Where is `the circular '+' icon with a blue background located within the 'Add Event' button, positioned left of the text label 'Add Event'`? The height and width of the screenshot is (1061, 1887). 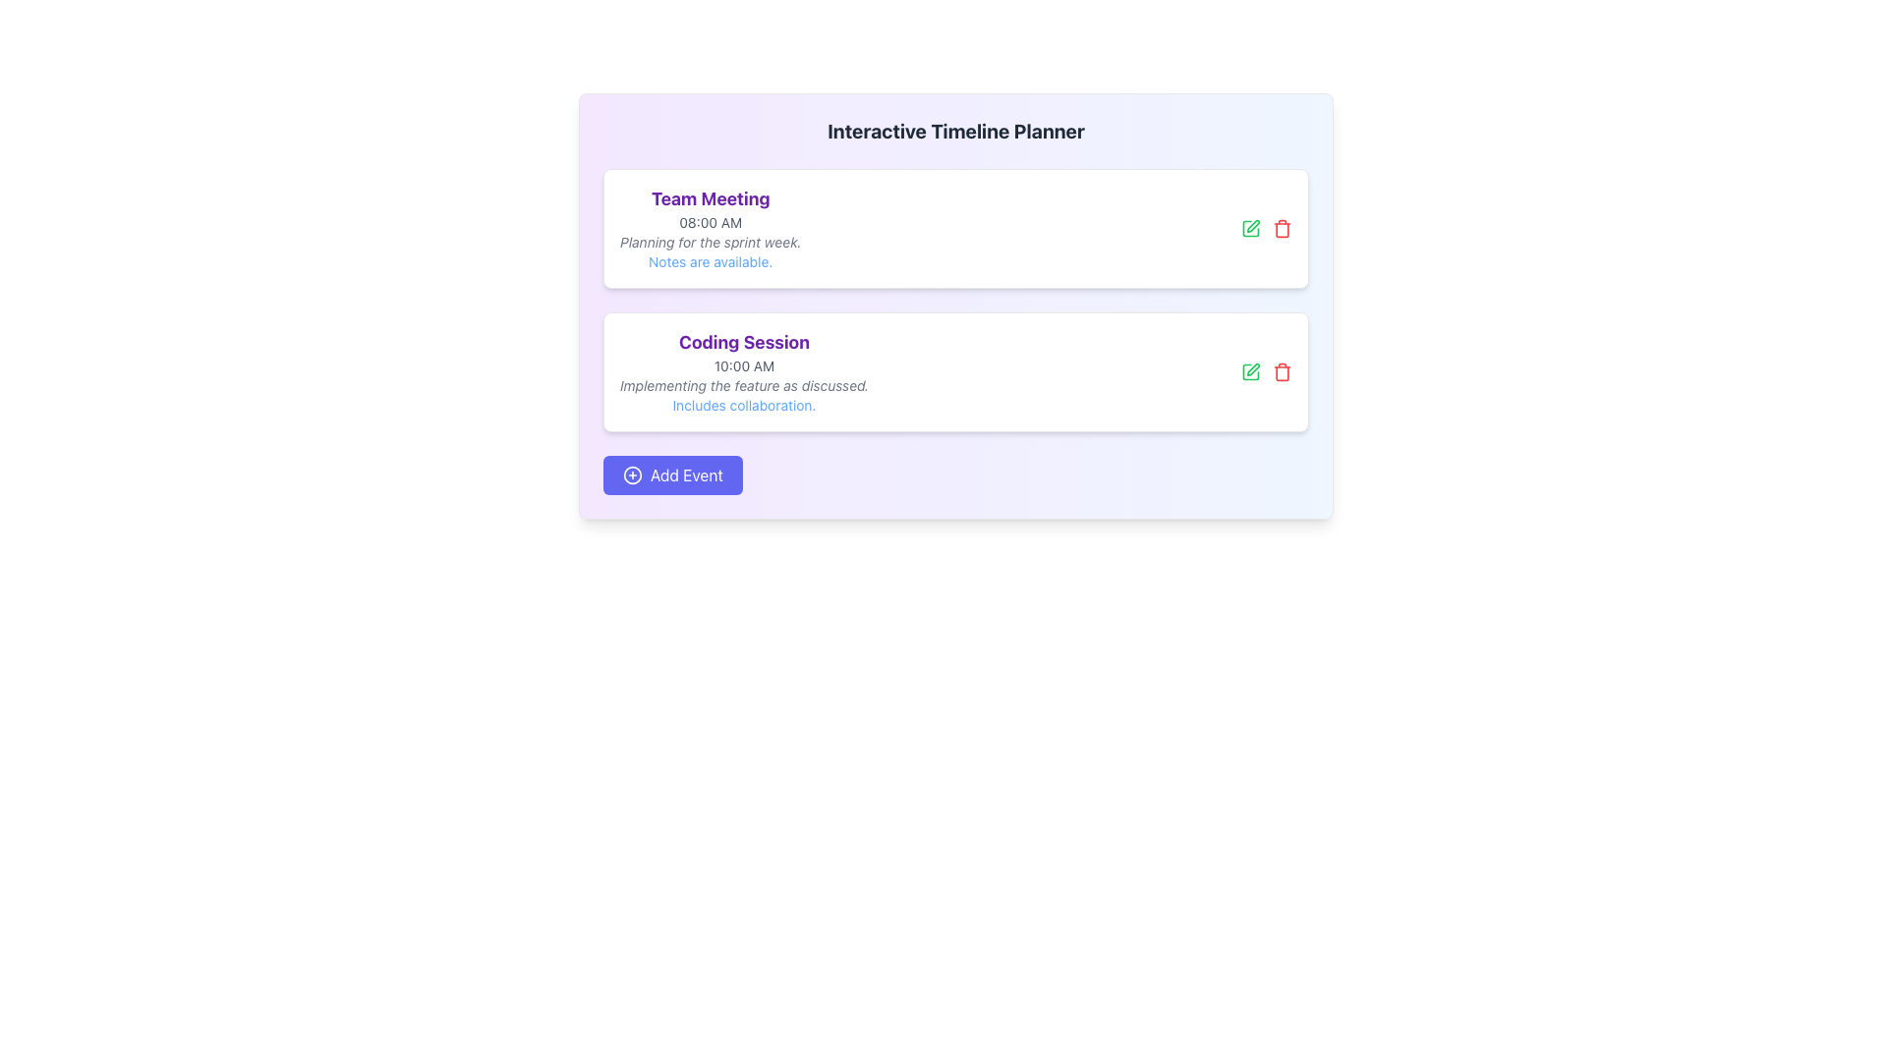 the circular '+' icon with a blue background located within the 'Add Event' button, positioned left of the text label 'Add Event' is located at coordinates (632, 475).